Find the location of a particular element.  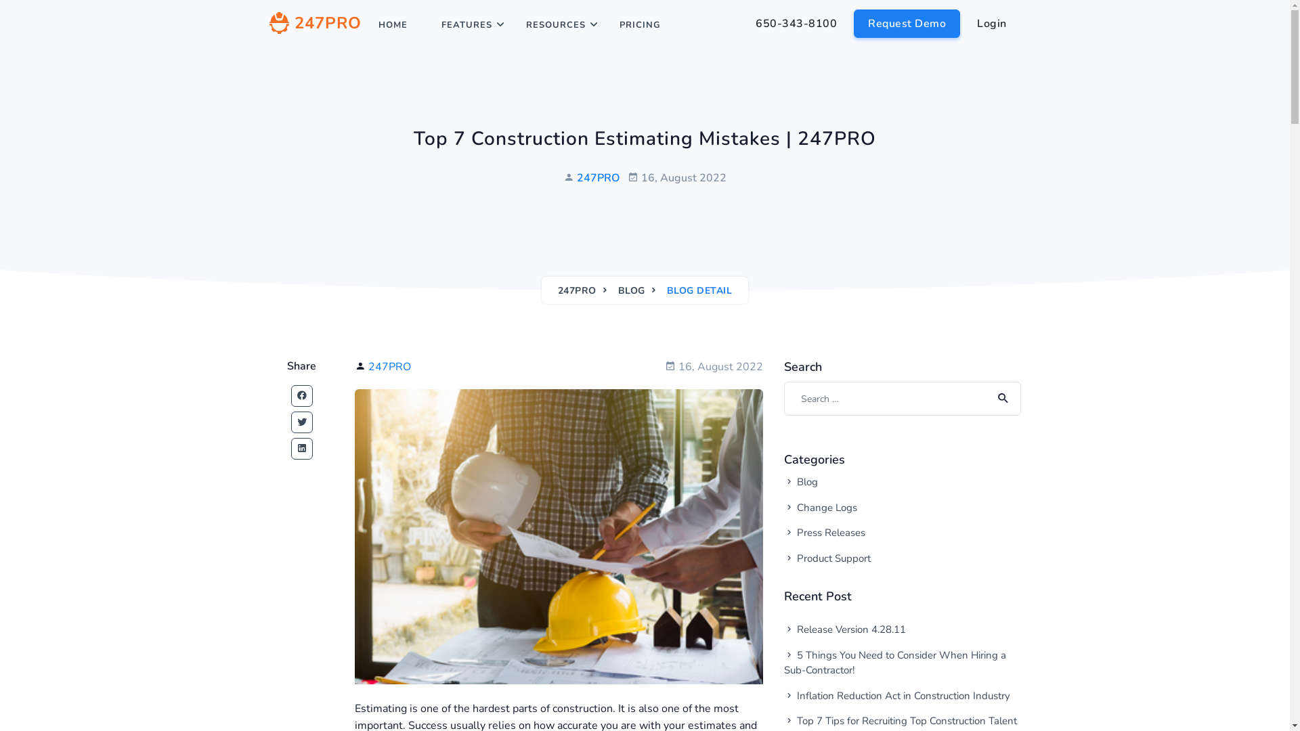

'247PRO' is located at coordinates (577, 290).